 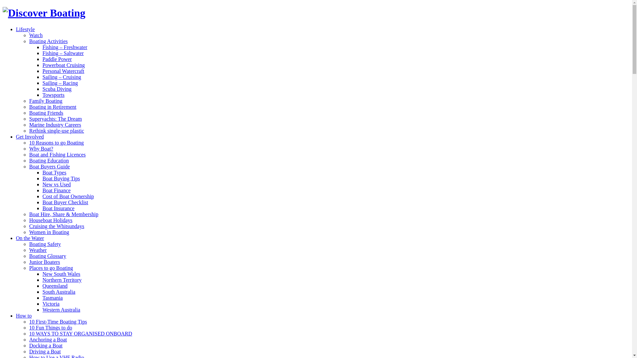 What do you see at coordinates (29, 250) in the screenshot?
I see `'Weather'` at bounding box center [29, 250].